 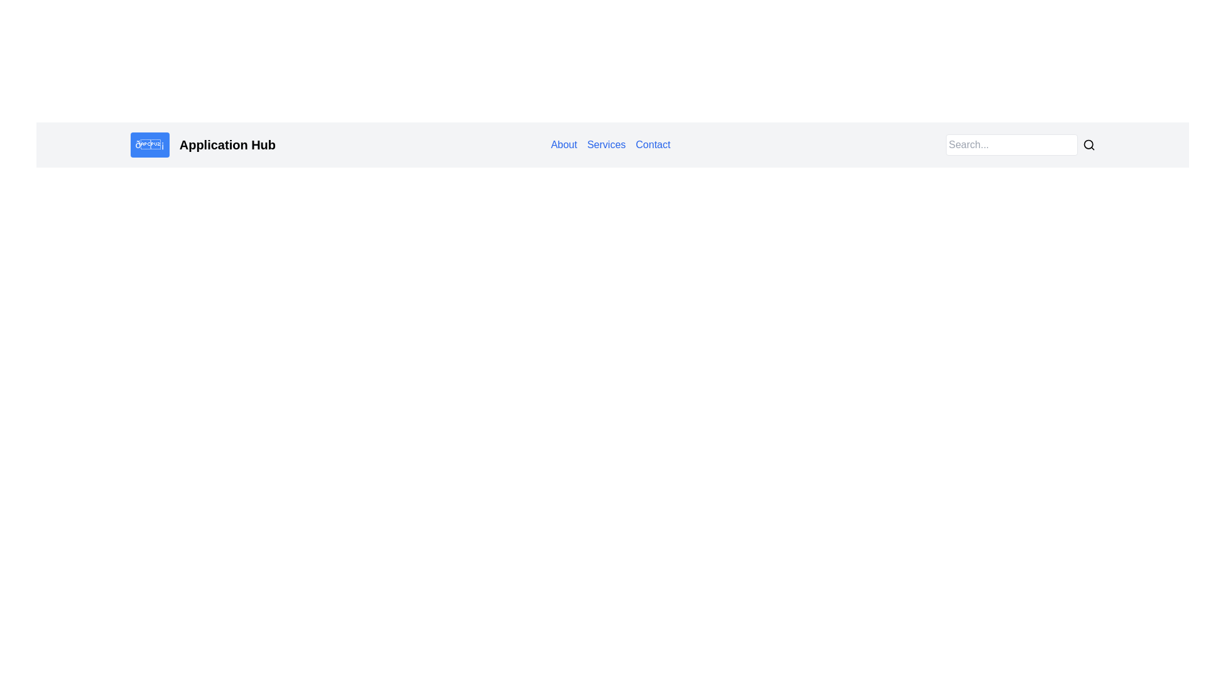 What do you see at coordinates (612, 144) in the screenshot?
I see `the gray-colored navigation bar at the top-center of the page` at bounding box center [612, 144].